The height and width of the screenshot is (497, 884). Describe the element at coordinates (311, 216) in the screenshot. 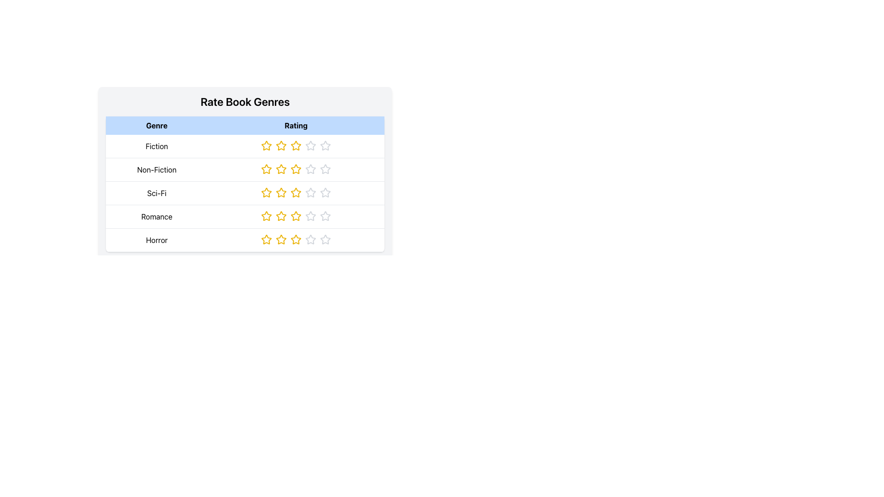

I see `the fourth star-shaped icon in the 'Rating' column for the 'Romance' genre` at that location.